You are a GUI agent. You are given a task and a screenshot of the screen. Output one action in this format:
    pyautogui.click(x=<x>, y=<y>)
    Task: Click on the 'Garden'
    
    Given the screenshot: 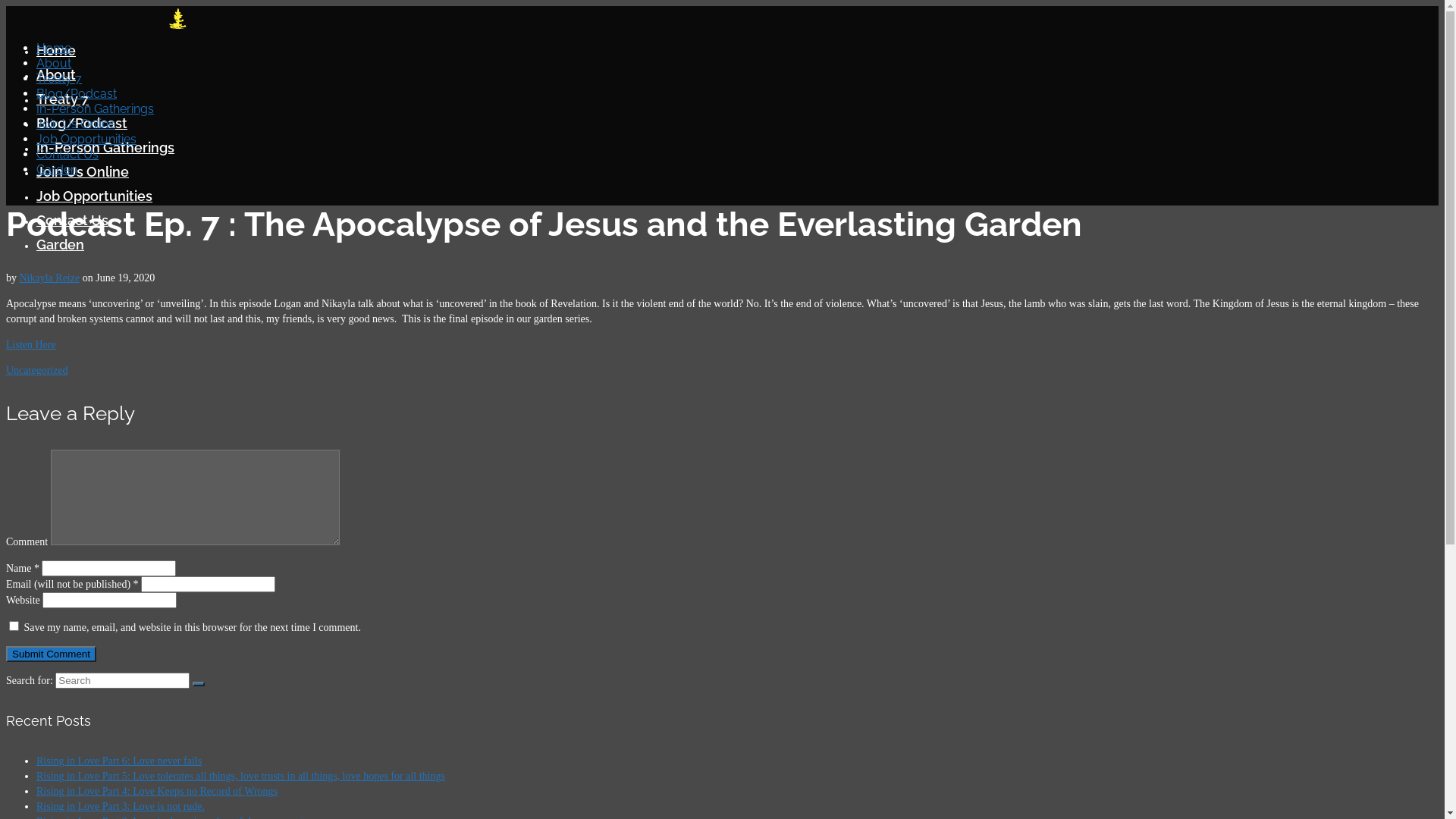 What is the action you would take?
    pyautogui.click(x=57, y=169)
    